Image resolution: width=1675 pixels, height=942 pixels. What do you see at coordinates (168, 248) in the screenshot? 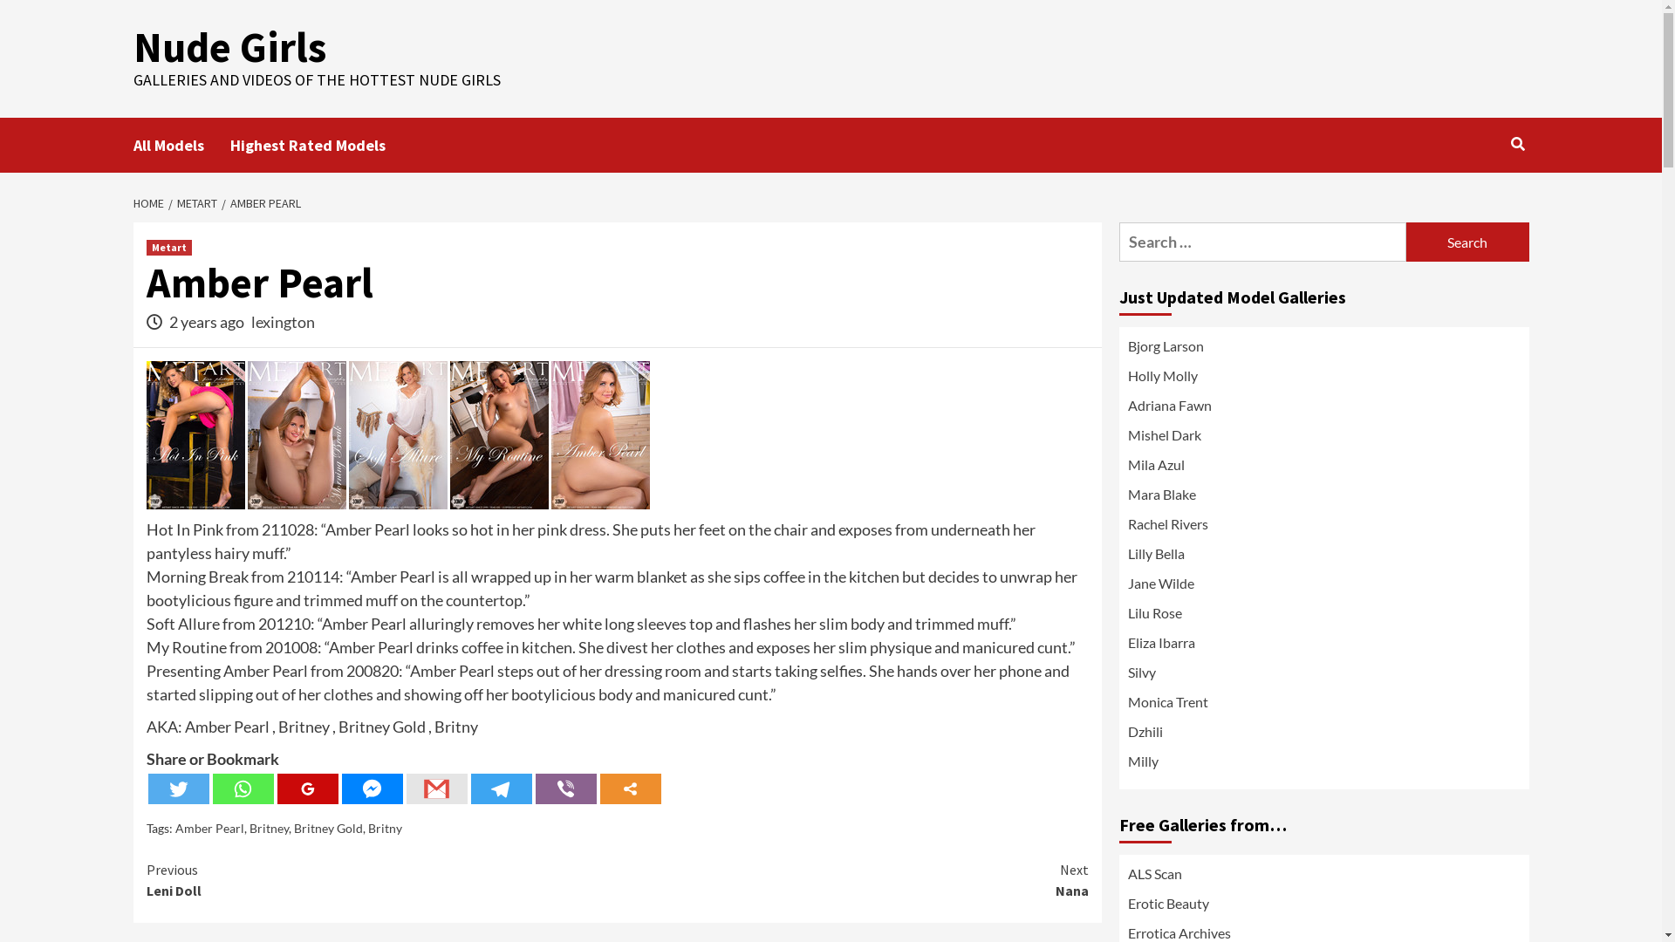
I see `'Metart'` at bounding box center [168, 248].